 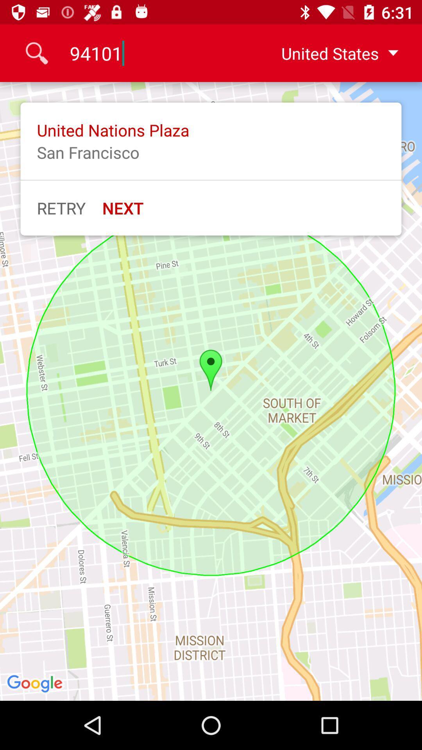 What do you see at coordinates (61, 208) in the screenshot?
I see `the icon to the left of next icon` at bounding box center [61, 208].